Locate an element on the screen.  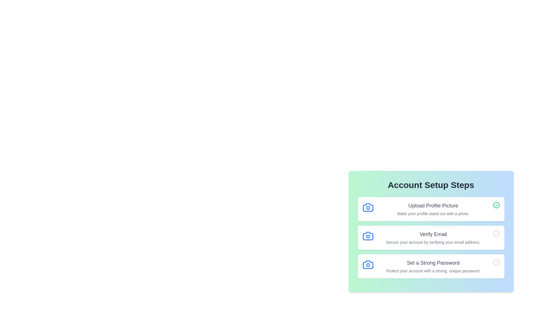
the icon associated with the checklist item Upload Profile Picture is located at coordinates (368, 207).